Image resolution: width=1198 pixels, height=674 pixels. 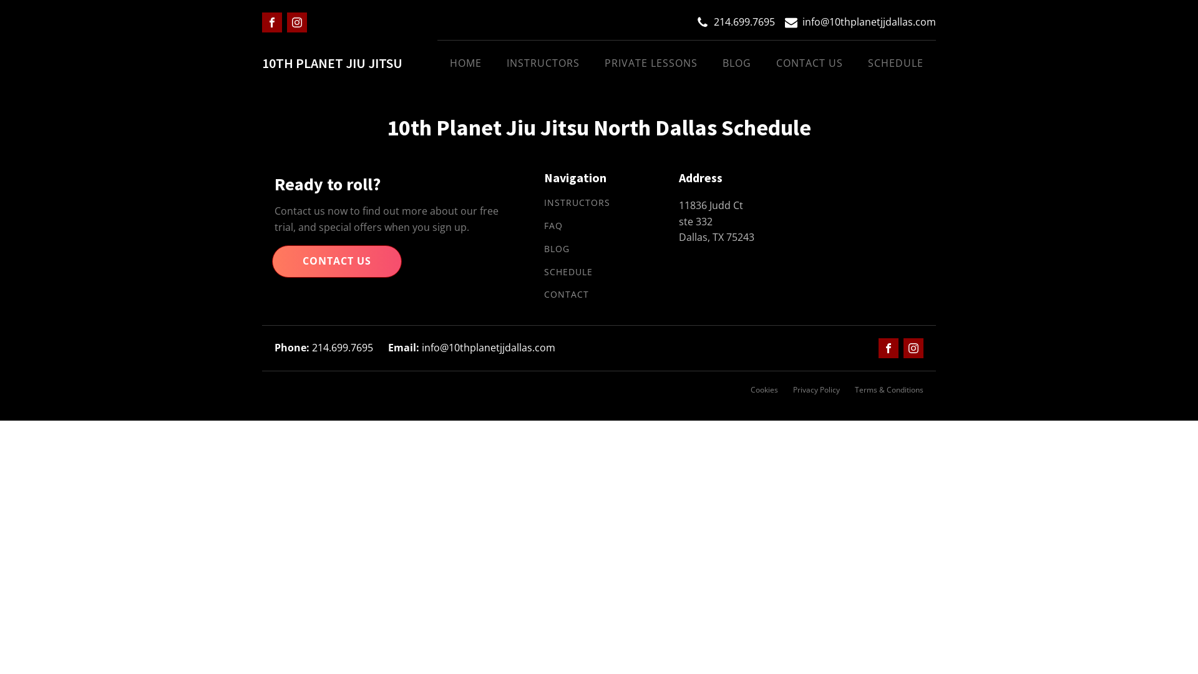 What do you see at coordinates (750, 389) in the screenshot?
I see `'Cookies'` at bounding box center [750, 389].